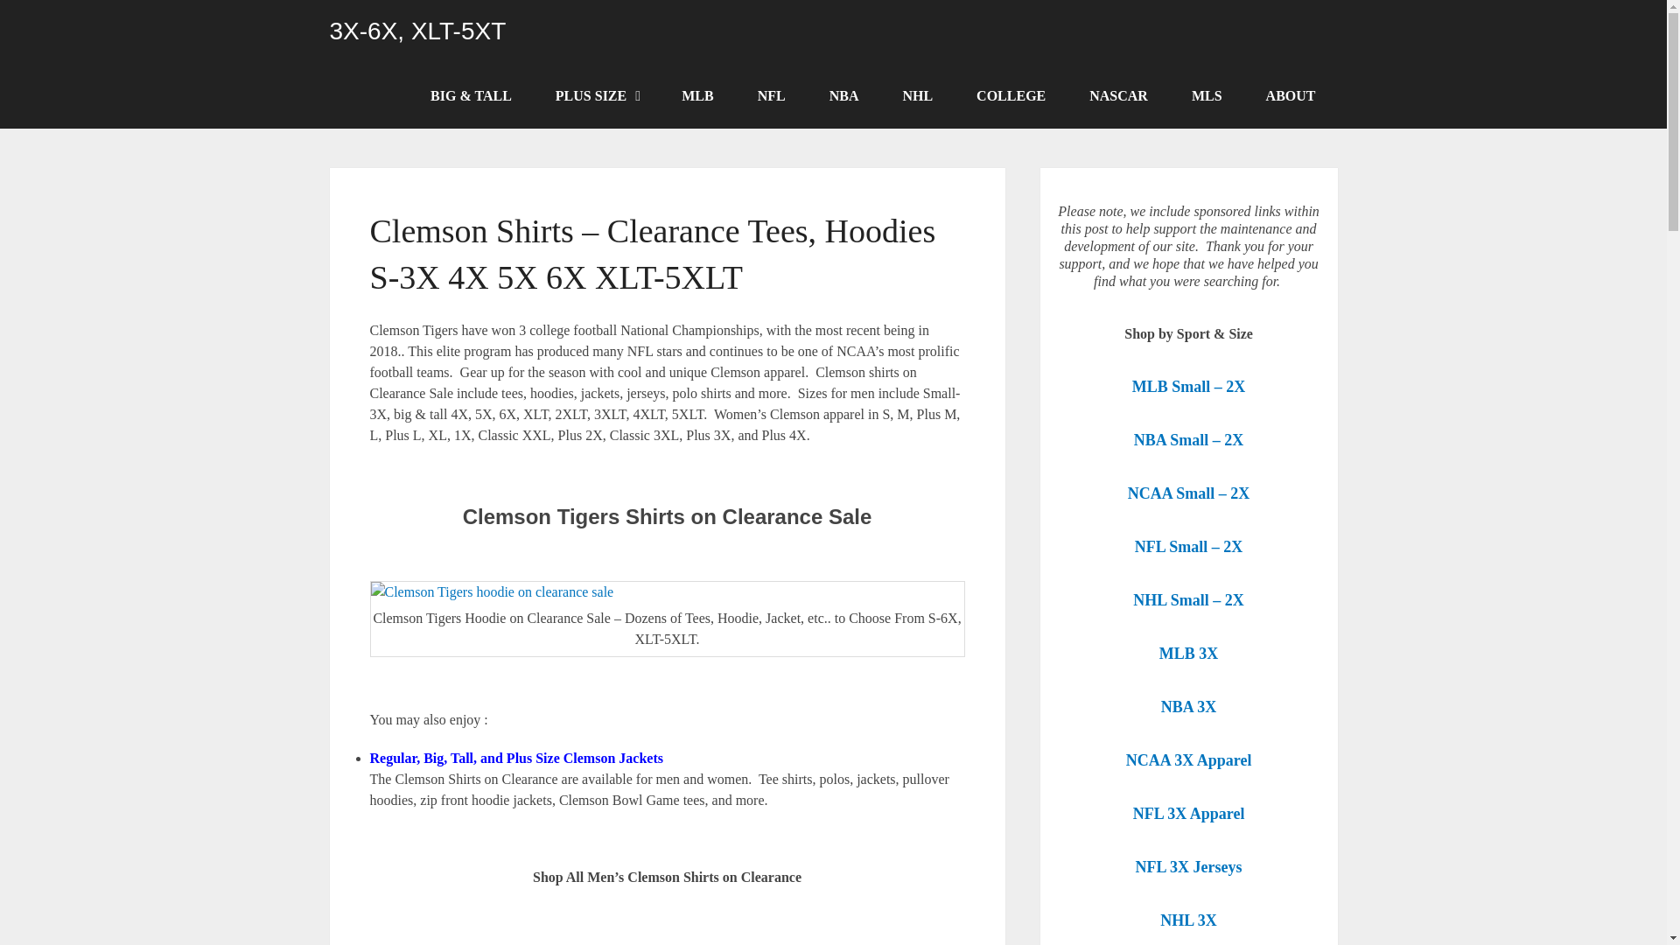 This screenshot has height=945, width=1680. I want to click on 'NCAA 3X Apparel', so click(1188, 759).